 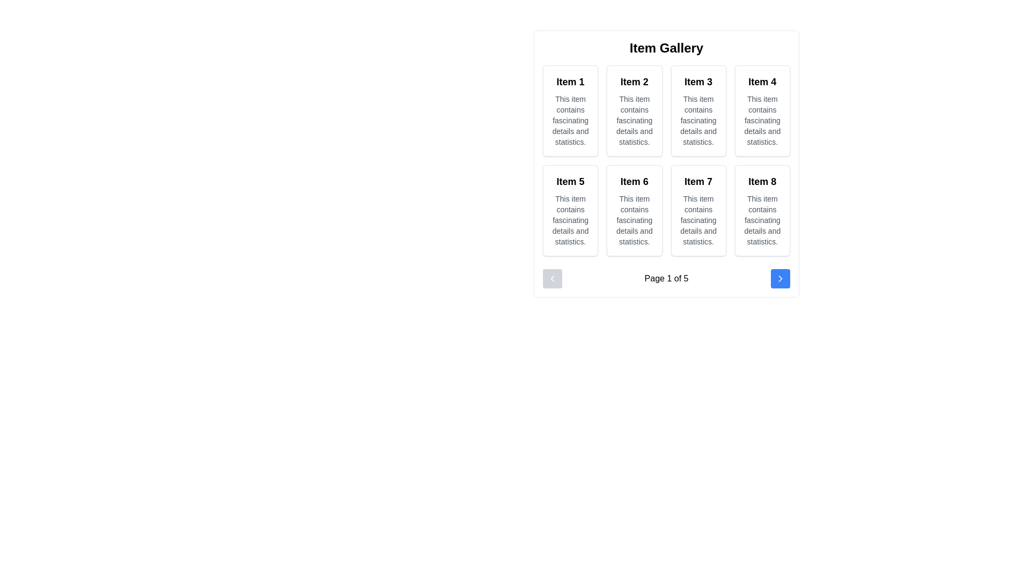 What do you see at coordinates (634, 220) in the screenshot?
I see `the descriptive text block displaying 'This item contains fascinating details and statistics.' located in the card labeled 'Item 6' in the second row, second column of the grid layout` at bounding box center [634, 220].